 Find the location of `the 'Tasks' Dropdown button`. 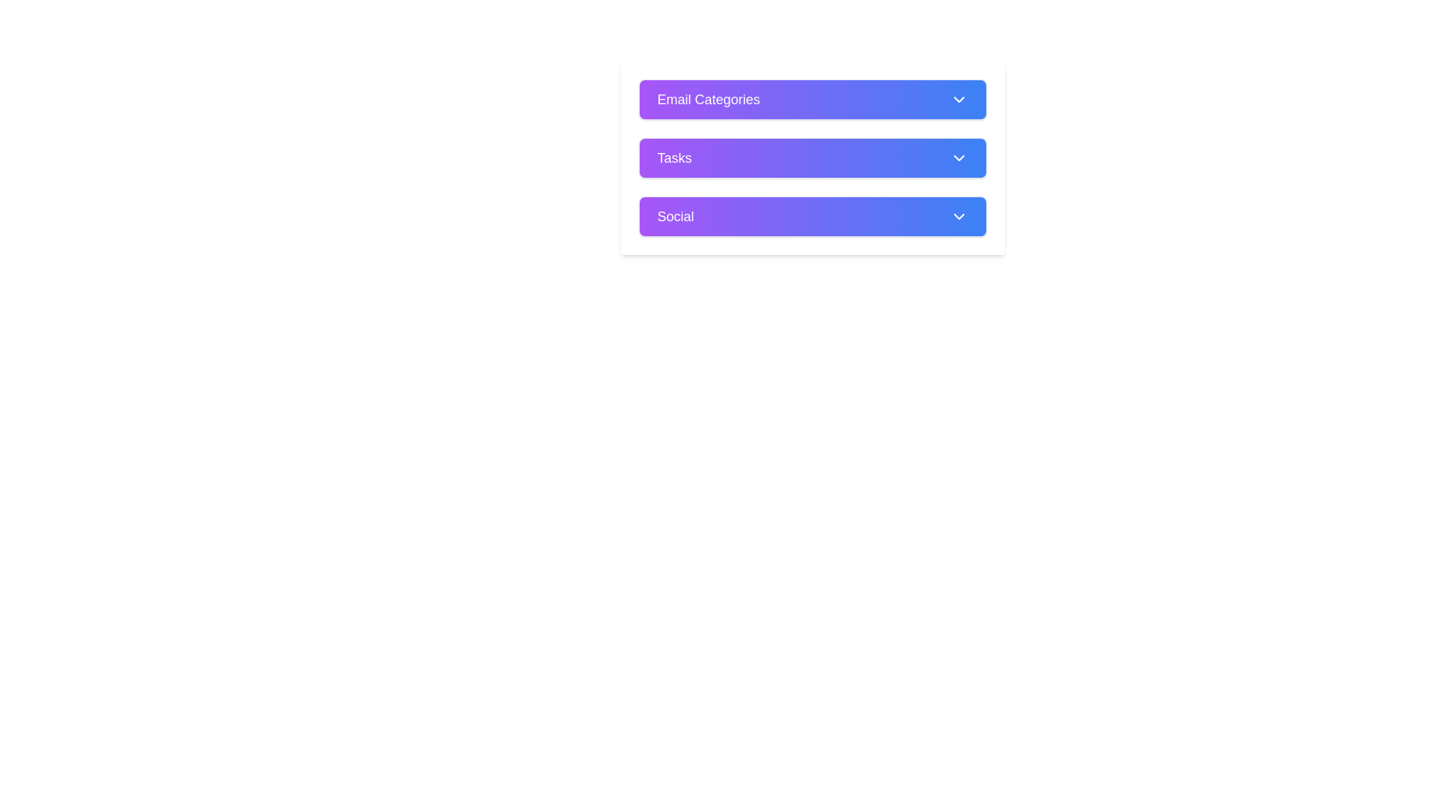

the 'Tasks' Dropdown button is located at coordinates (811, 158).